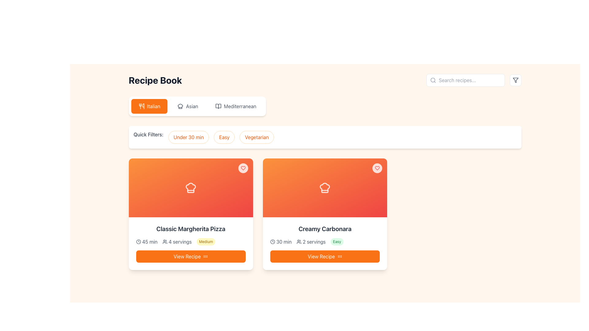  Describe the element at coordinates (191, 188) in the screenshot. I see `the chef hat icon, which is styled with white outlines on an orange-red background, located on the right side of the interface for the 'Creamy Carbonara' recipe` at that location.